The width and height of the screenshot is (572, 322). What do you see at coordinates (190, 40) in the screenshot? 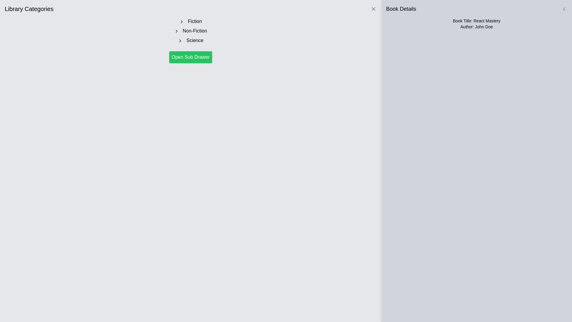
I see `the 'Science' label in the 'Library Categories' list, which is the third item following 'Fiction' and 'Non-Fiction'` at bounding box center [190, 40].